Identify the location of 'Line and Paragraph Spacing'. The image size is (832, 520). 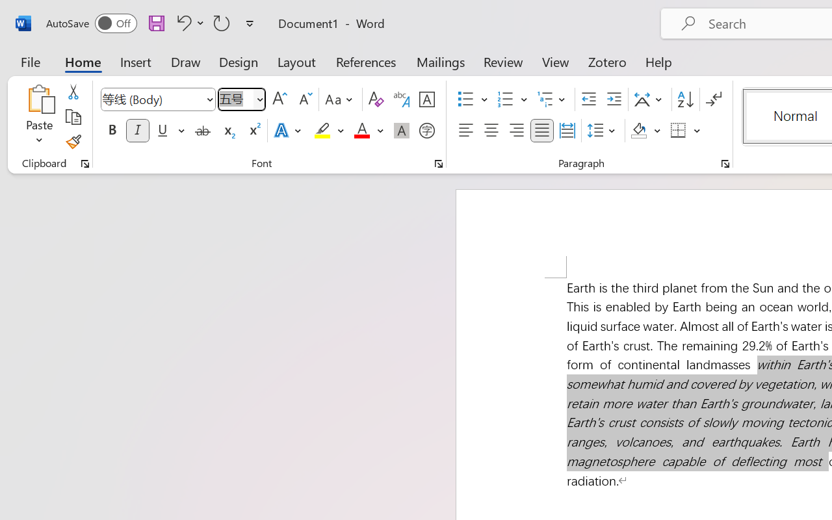
(603, 131).